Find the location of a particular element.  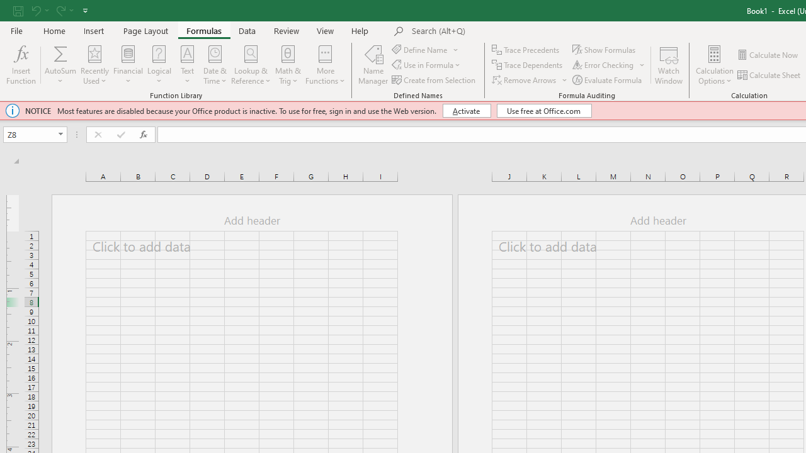

'Define Name' is located at coordinates (426, 49).